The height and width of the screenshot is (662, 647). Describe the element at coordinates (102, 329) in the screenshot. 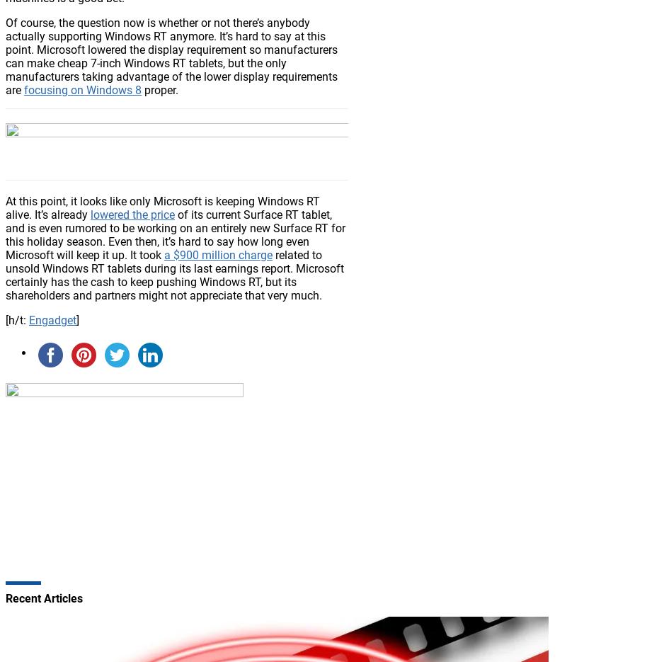

I see `'PaymentTrends'` at that location.